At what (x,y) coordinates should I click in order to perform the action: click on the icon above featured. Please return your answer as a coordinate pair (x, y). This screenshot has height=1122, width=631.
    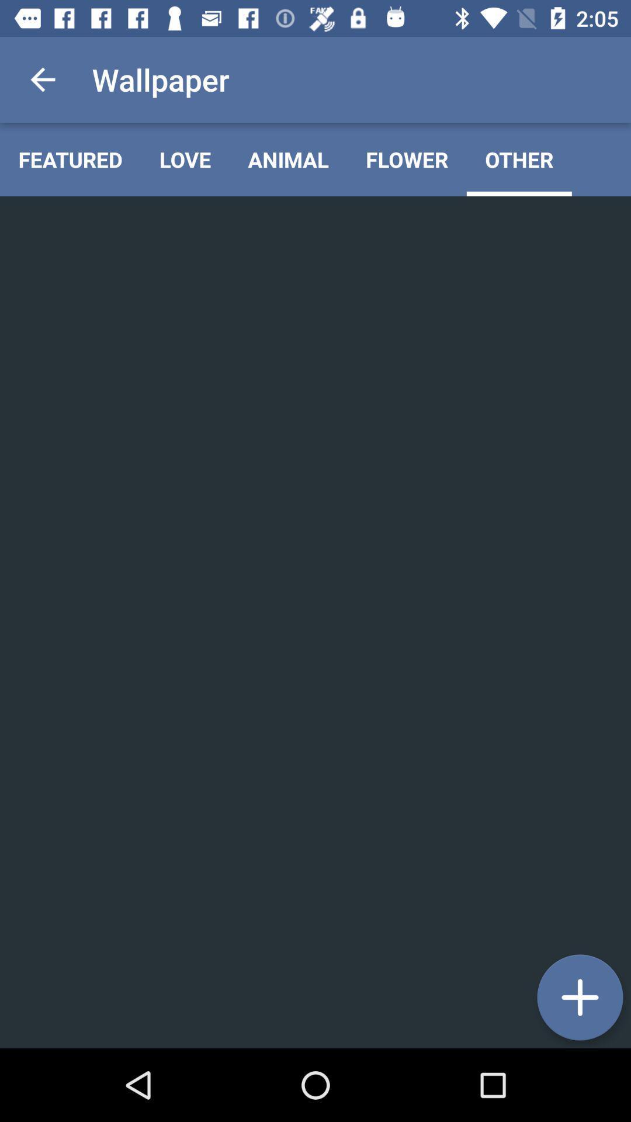
    Looking at the image, I should click on (42, 79).